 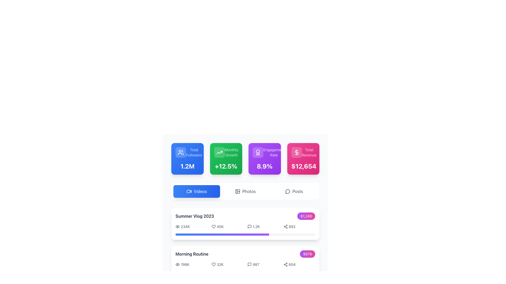 What do you see at coordinates (256, 226) in the screenshot?
I see `the numeric text '1.2K' adjacent to the chat bubble icon in the second row of metrics under the 'Summer Vlog 2023' section` at bounding box center [256, 226].